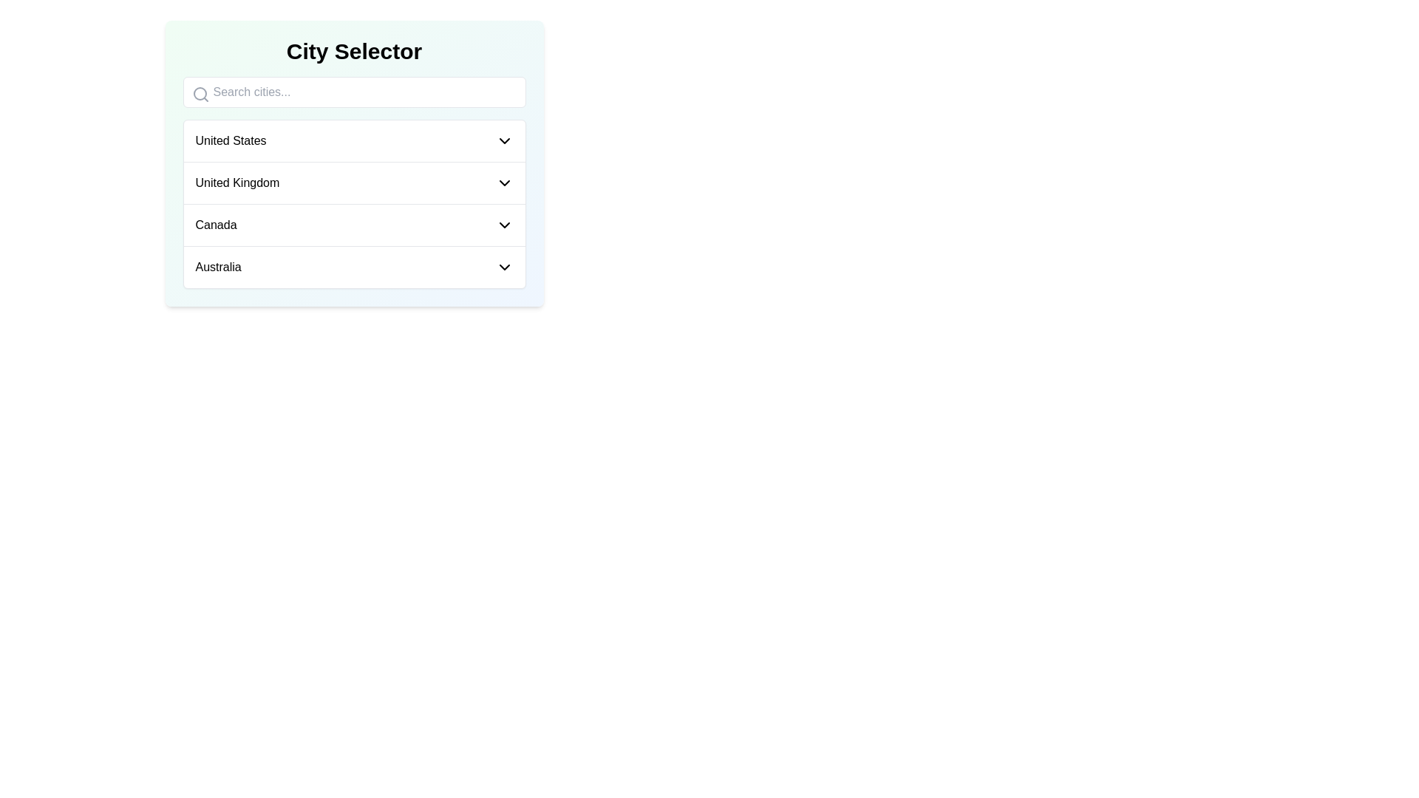  I want to click on the chevron icon next to the 'United Kingdom' selector, so click(504, 182).